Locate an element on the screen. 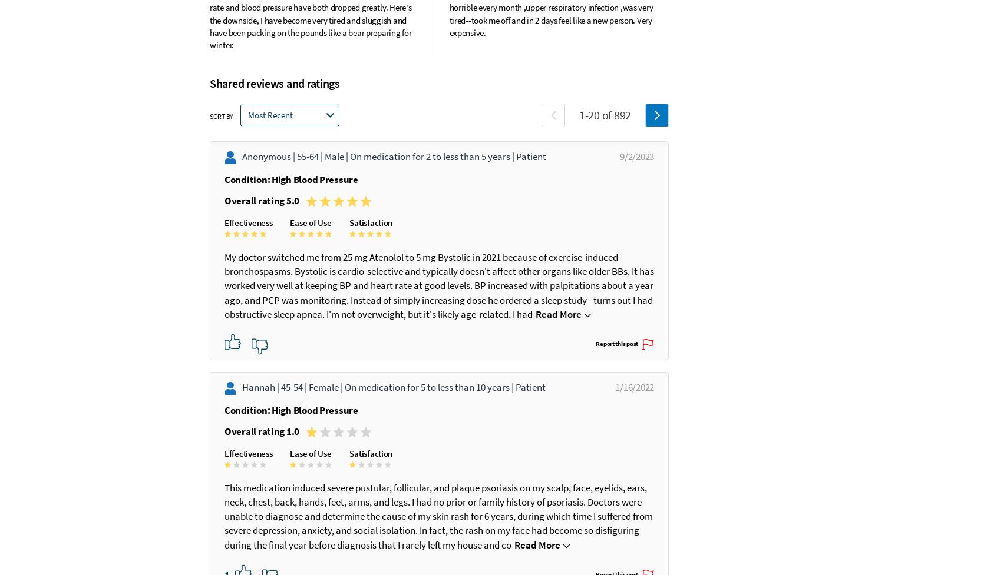 The image size is (997, 575). '45-54 |' is located at coordinates (295, 400).